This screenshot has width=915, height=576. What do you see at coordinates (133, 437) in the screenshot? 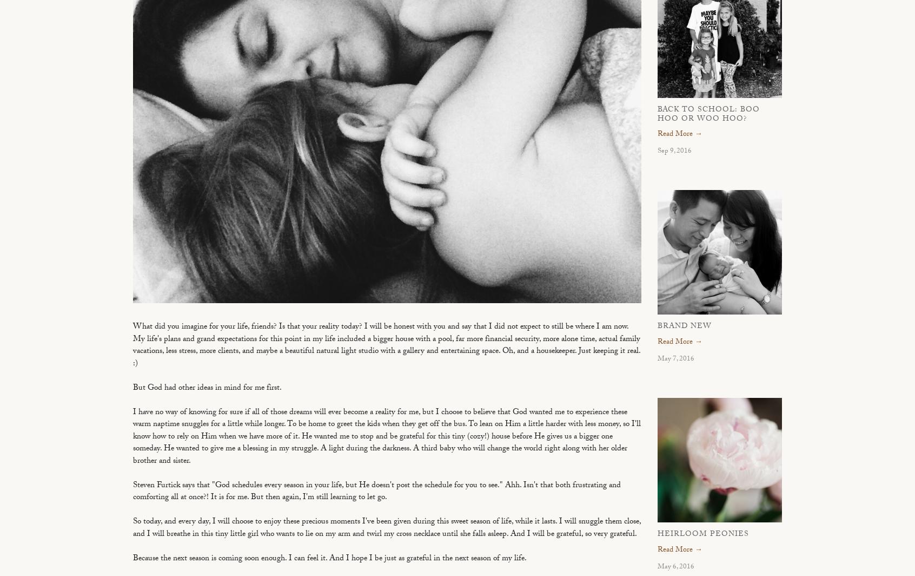
I see `'I have no way of knowing for sure if all of those dreams will ever become a reality for me, but I choose to believe that God wanted me to experience these warm naptime snuggles for a little while longer. To be home to greet the kids when they get off the bus. To lean on Him a little harder with less money, so I'll know how to rely on Him when we have more of it. He wanted me to stop and be grateful for this tiny (cozy!) house before He gives us a bigger one someday. He wanted to give me a blessing in my struggle. A light during the darkness. A third baby who will change the world right along with her older brother and sister.'` at bounding box center [133, 437].